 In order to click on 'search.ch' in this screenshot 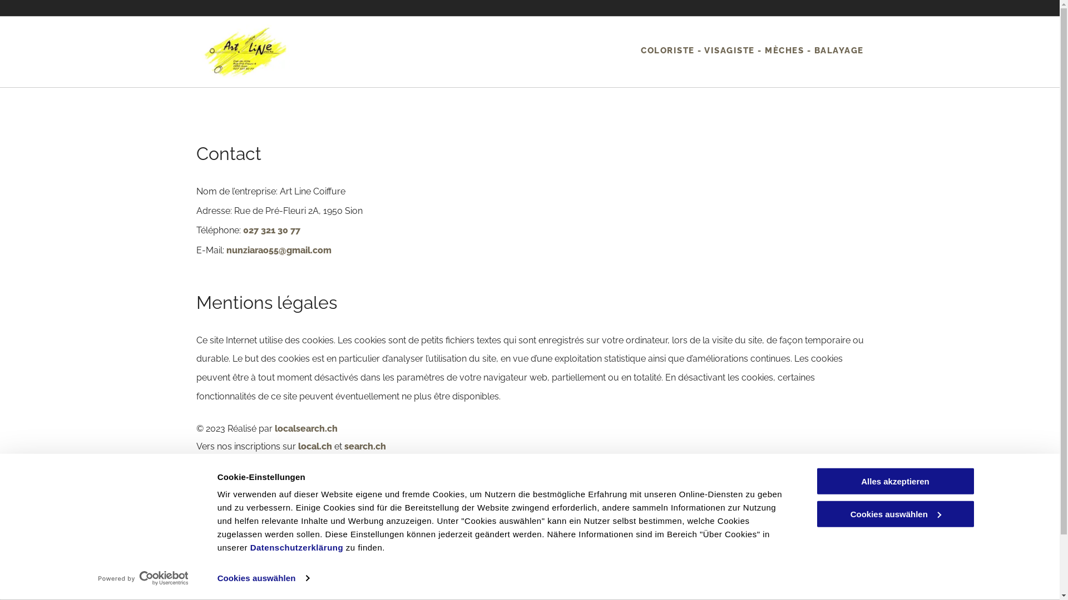, I will do `click(343, 446)`.